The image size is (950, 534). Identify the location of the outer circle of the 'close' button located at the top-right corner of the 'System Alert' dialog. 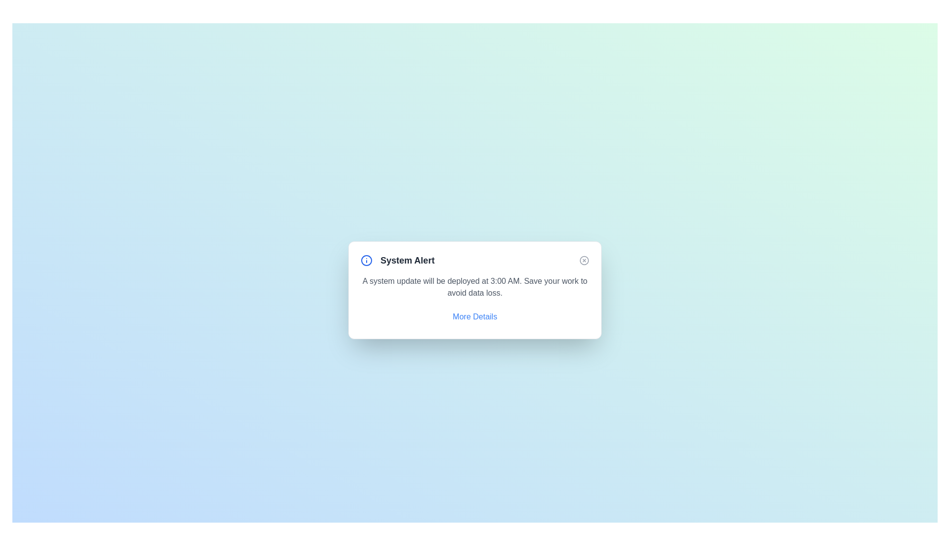
(584, 260).